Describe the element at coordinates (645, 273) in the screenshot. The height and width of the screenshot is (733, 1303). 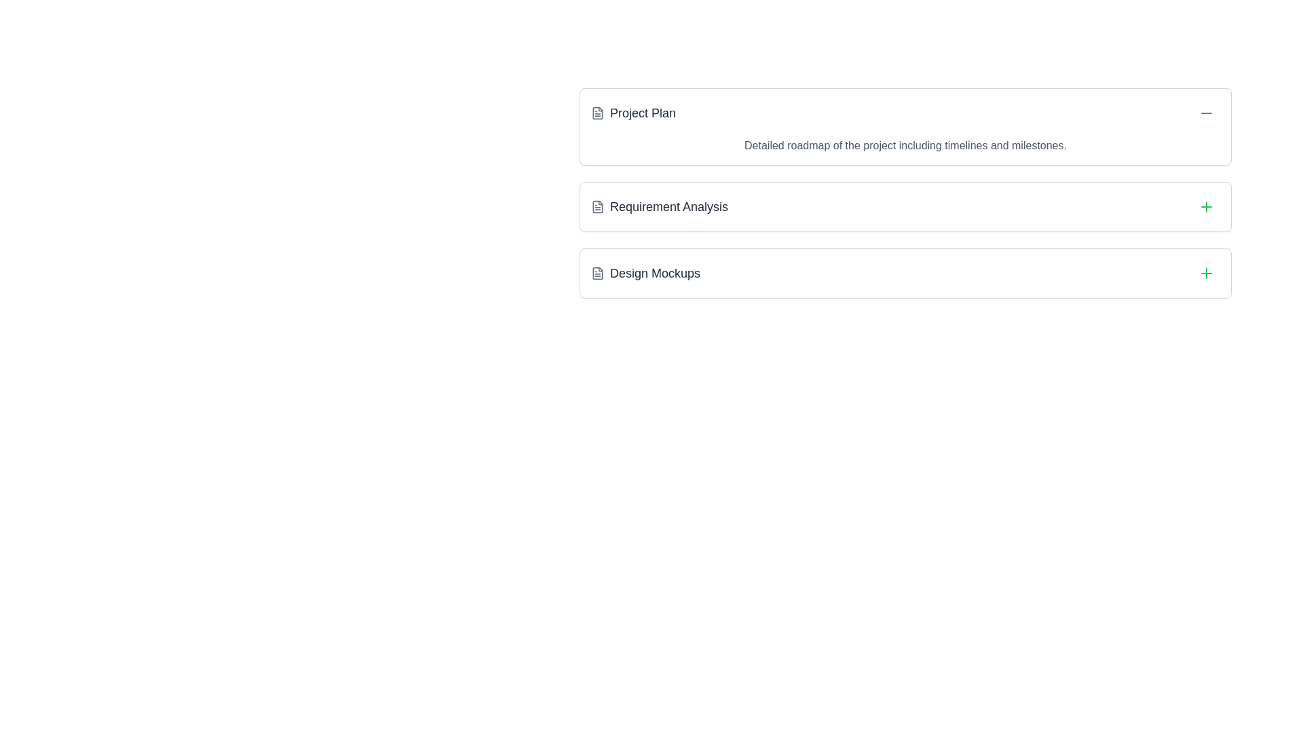
I see `the text label 'Design Mockups' which is displayed with an adjacent document icon` at that location.